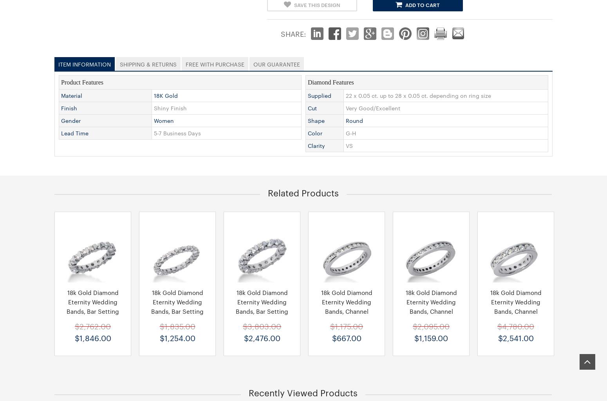  I want to click on 'Round', so click(354, 120).